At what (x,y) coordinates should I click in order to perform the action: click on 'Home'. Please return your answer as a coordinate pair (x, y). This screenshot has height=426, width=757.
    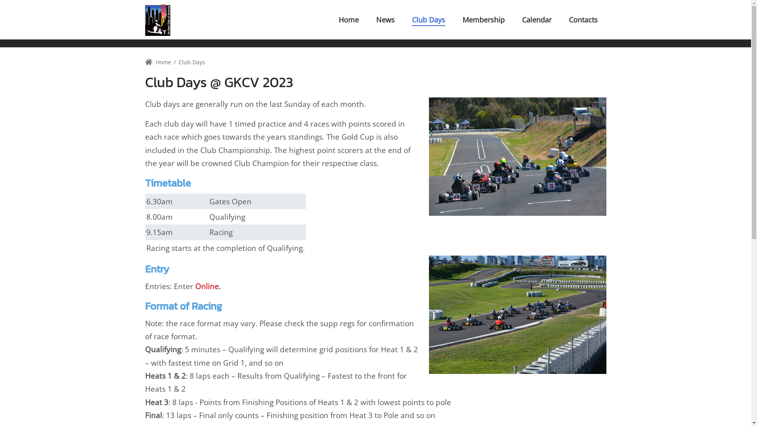
    Looking at the image, I should click on (348, 19).